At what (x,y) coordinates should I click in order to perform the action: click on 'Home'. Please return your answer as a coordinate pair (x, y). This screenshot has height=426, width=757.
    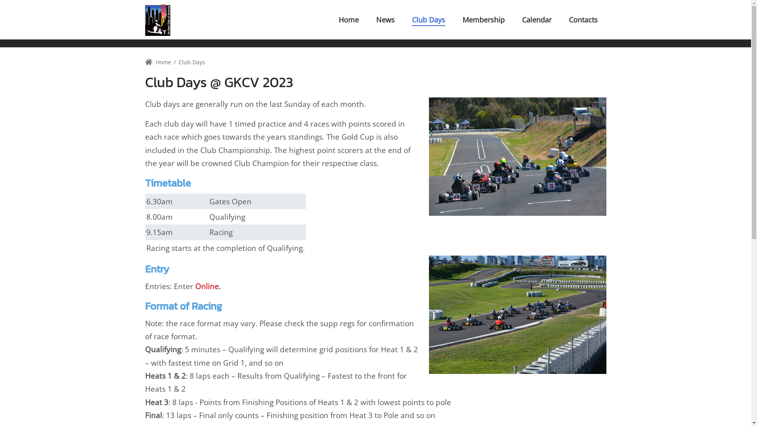
    Looking at the image, I should click on (348, 19).